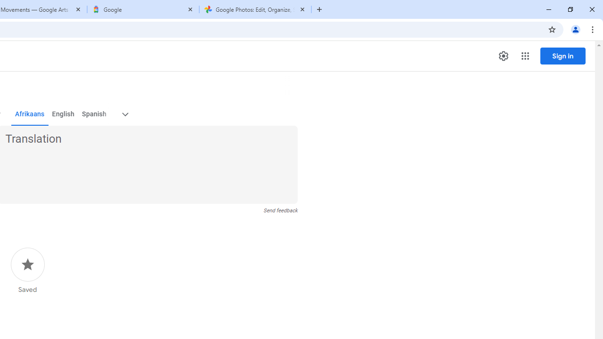 The height and width of the screenshot is (339, 603). Describe the element at coordinates (94, 114) in the screenshot. I see `'Spanish'` at that location.